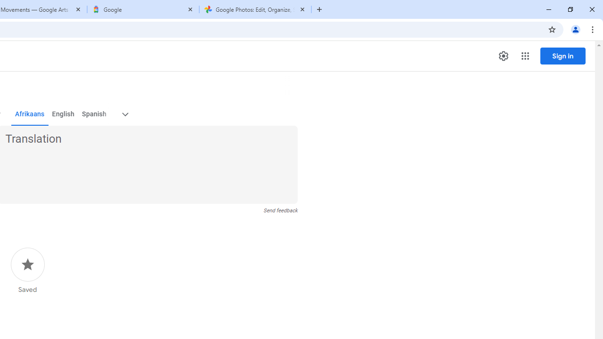 The height and width of the screenshot is (339, 603). Describe the element at coordinates (94, 114) in the screenshot. I see `'Spanish'` at that location.